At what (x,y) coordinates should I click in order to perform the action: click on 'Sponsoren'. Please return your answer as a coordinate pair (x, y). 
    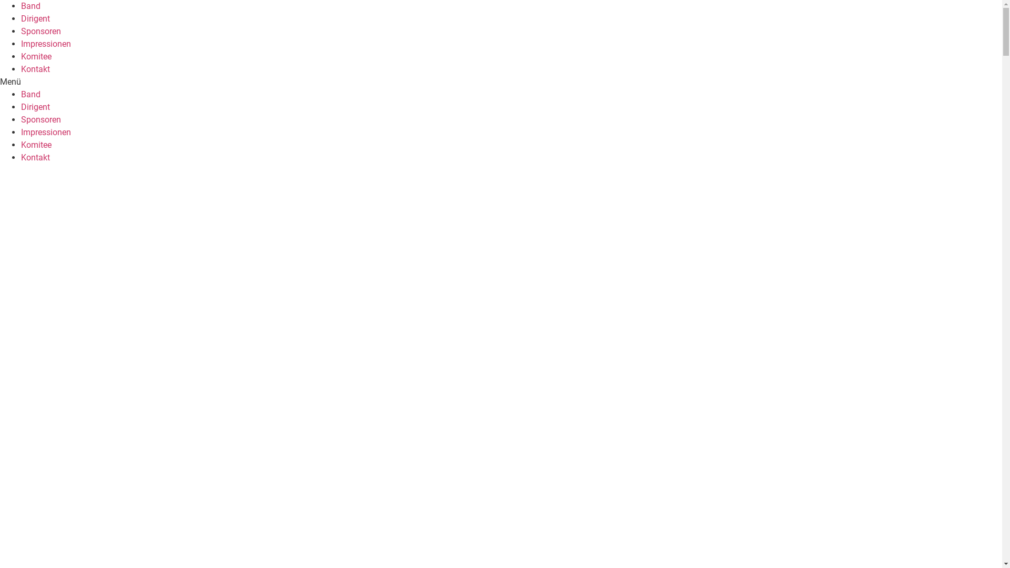
    Looking at the image, I should click on (21, 119).